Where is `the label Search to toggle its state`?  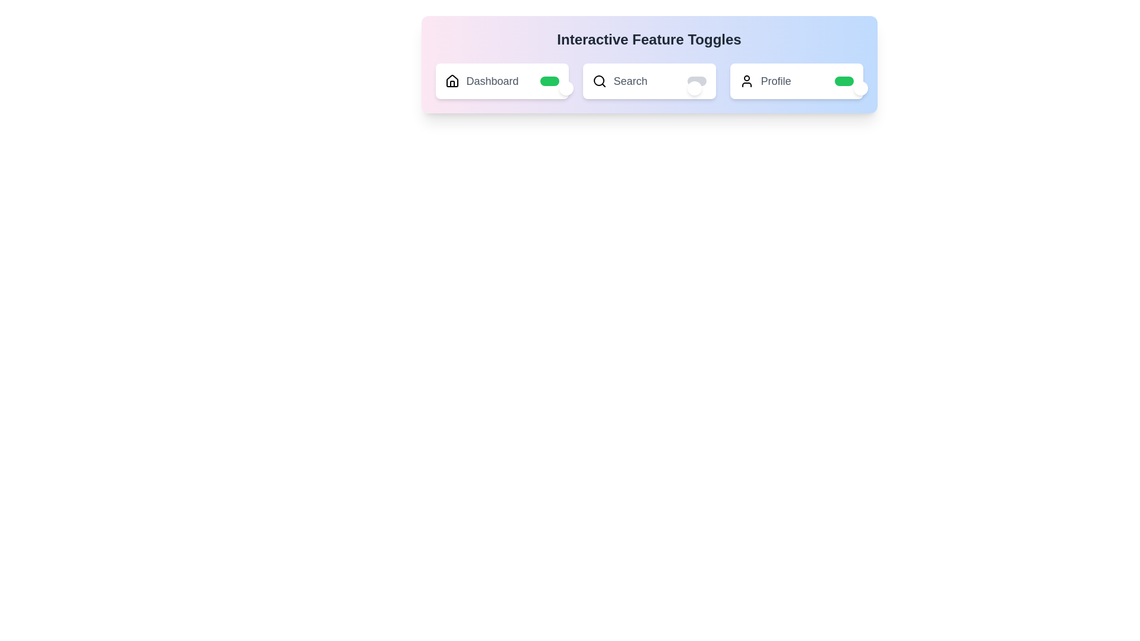 the label Search to toggle its state is located at coordinates (648, 81).